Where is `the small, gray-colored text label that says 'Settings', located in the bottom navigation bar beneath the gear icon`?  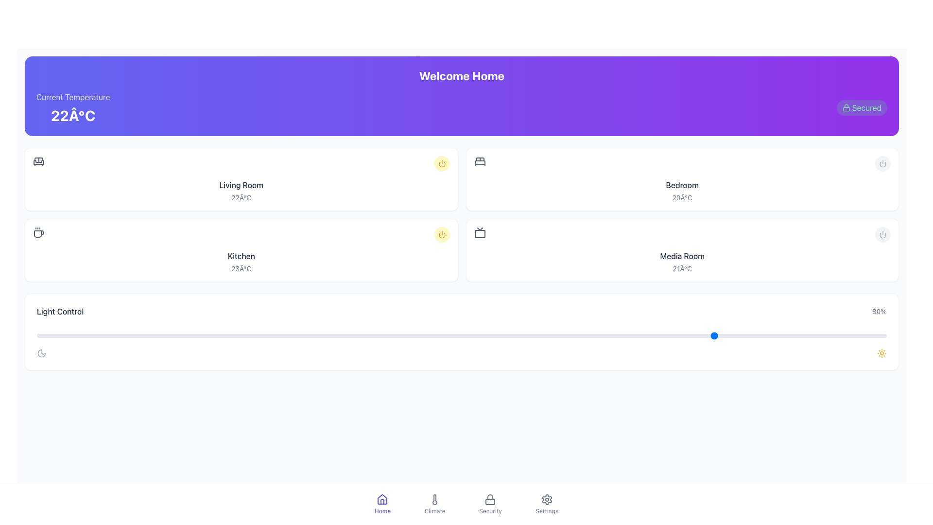 the small, gray-colored text label that says 'Settings', located in the bottom navigation bar beneath the gear icon is located at coordinates (547, 511).